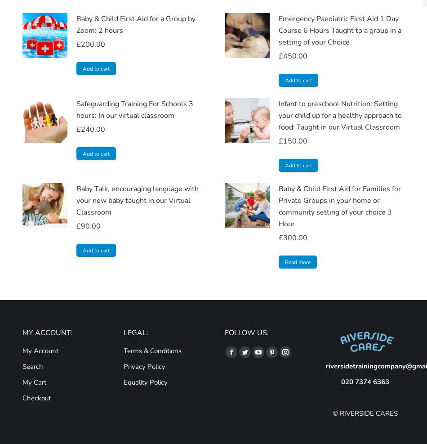 This screenshot has width=427, height=444. I want to click on '90.00', so click(90, 226).